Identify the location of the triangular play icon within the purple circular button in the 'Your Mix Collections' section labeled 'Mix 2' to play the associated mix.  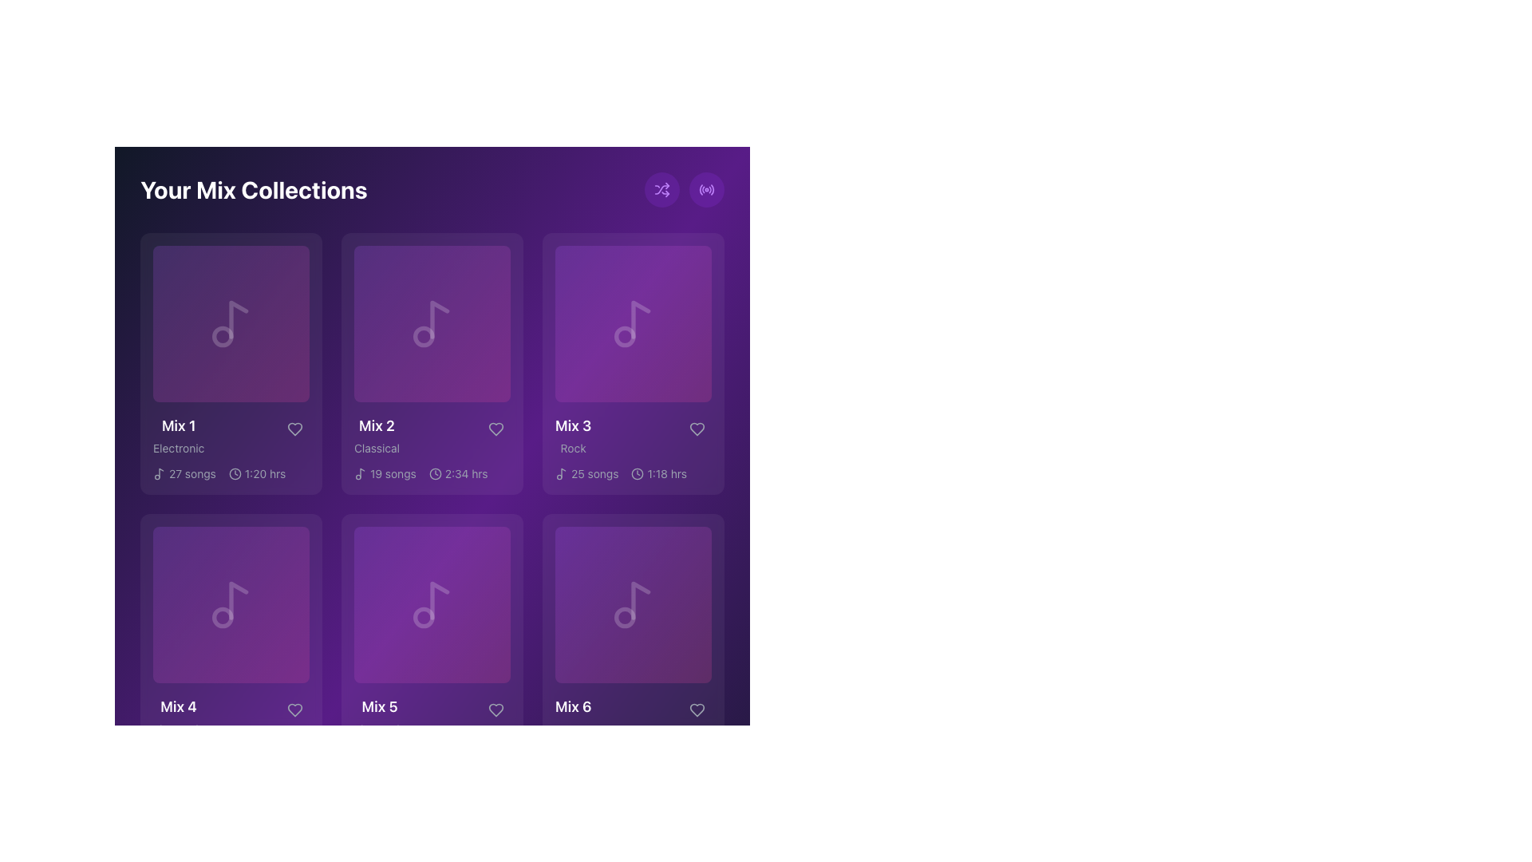
(432, 323).